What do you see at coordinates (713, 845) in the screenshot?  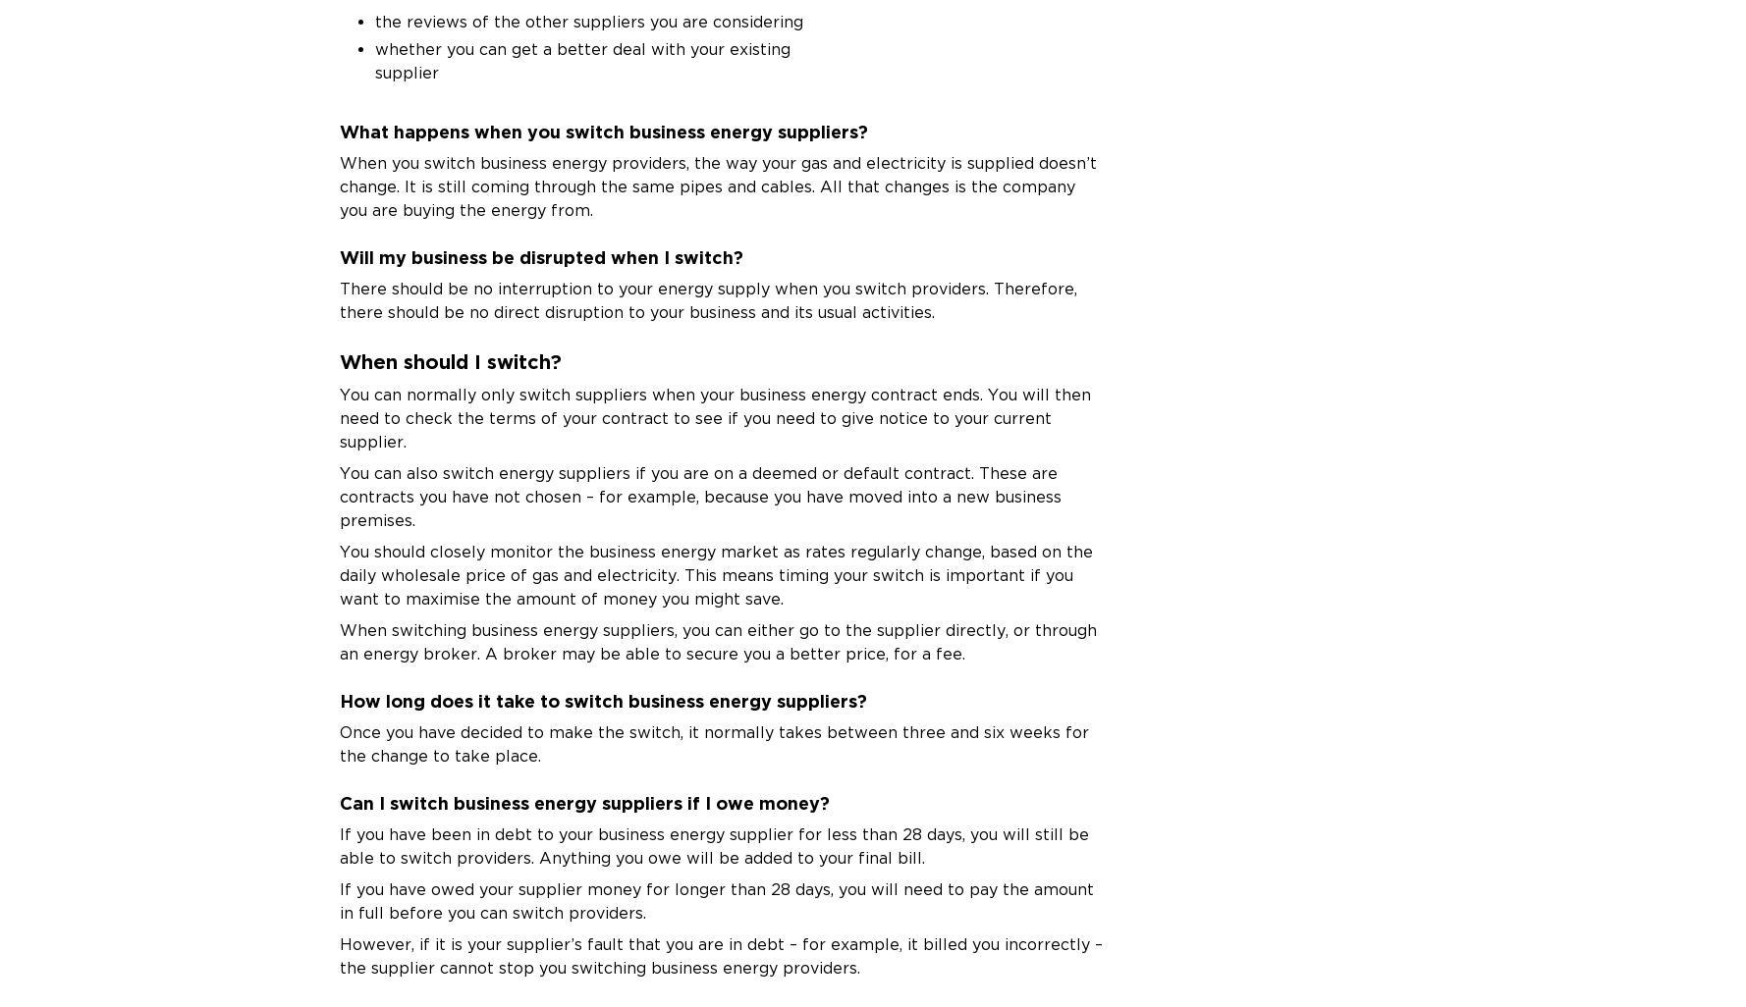 I see `'If you have been in debt to your business energy supplier for less than 28 days, you will still be able to switch providers. Anything you owe will be added to your final bill.'` at bounding box center [713, 845].